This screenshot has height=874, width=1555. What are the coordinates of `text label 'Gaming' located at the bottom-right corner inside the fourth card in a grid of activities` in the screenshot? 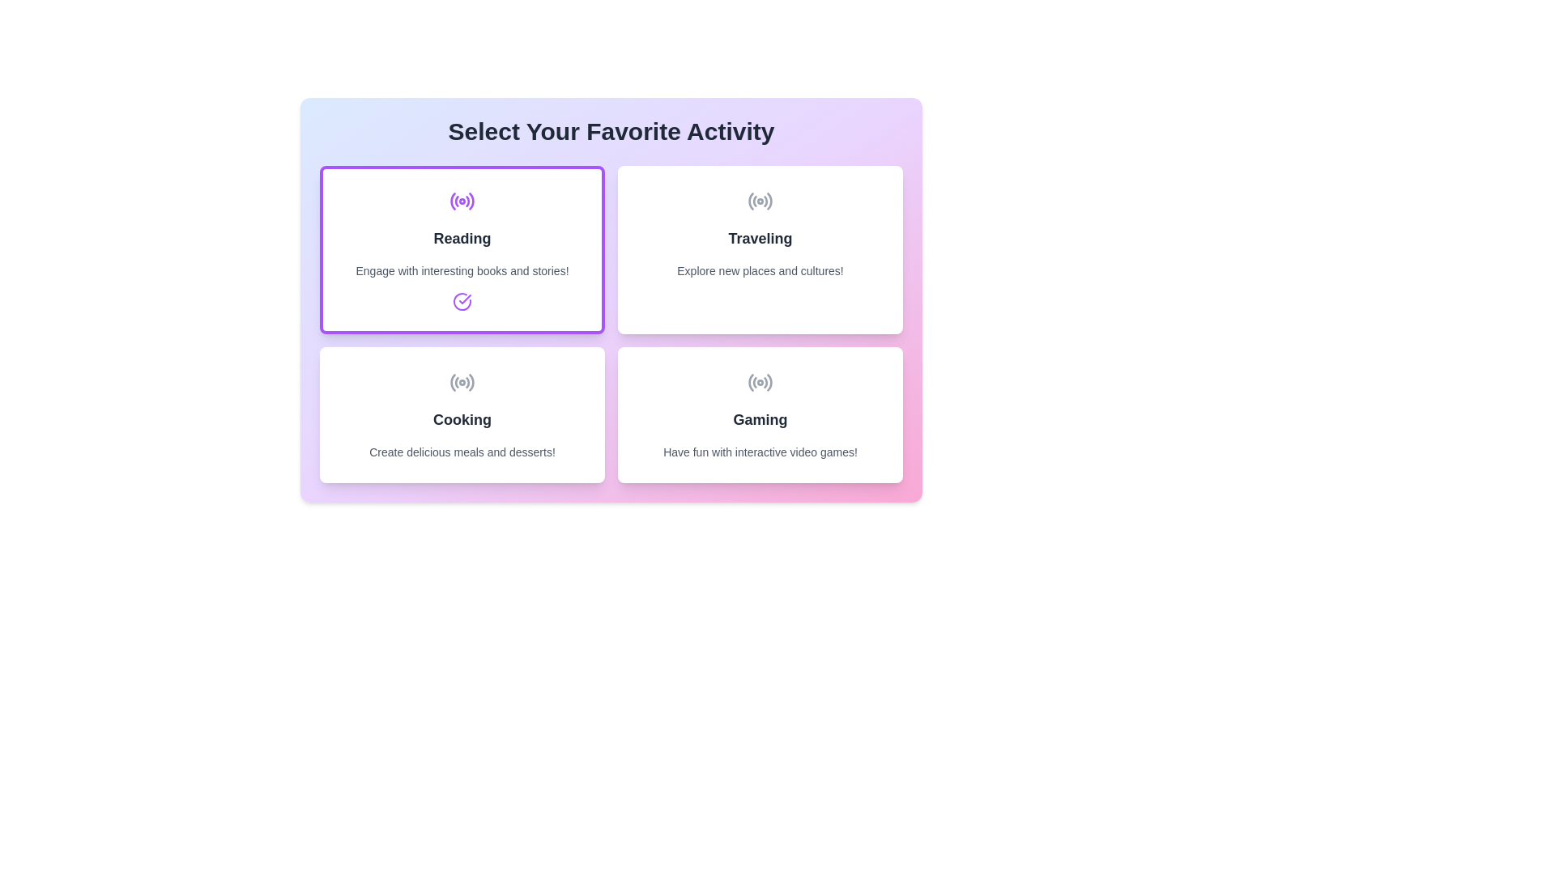 It's located at (760, 419).